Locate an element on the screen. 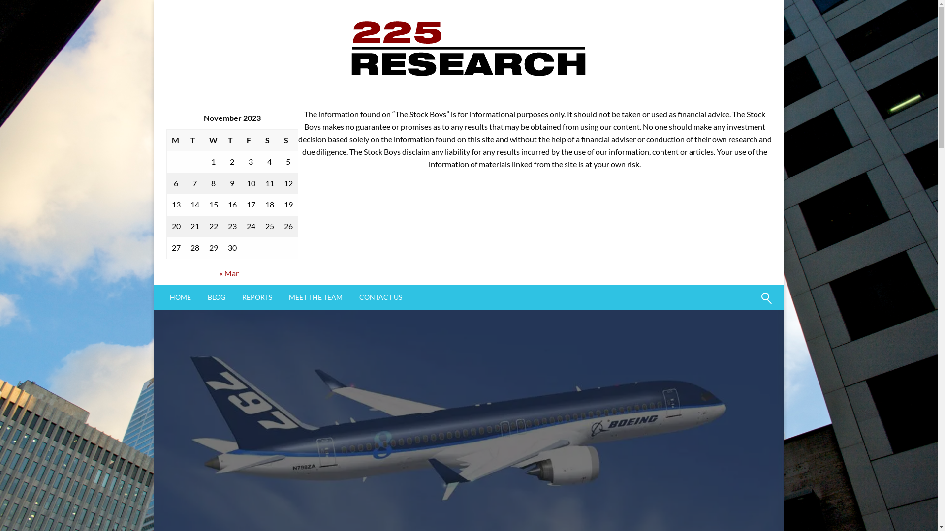 Image resolution: width=945 pixels, height=531 pixels. '225Research' is located at coordinates (399, 111).